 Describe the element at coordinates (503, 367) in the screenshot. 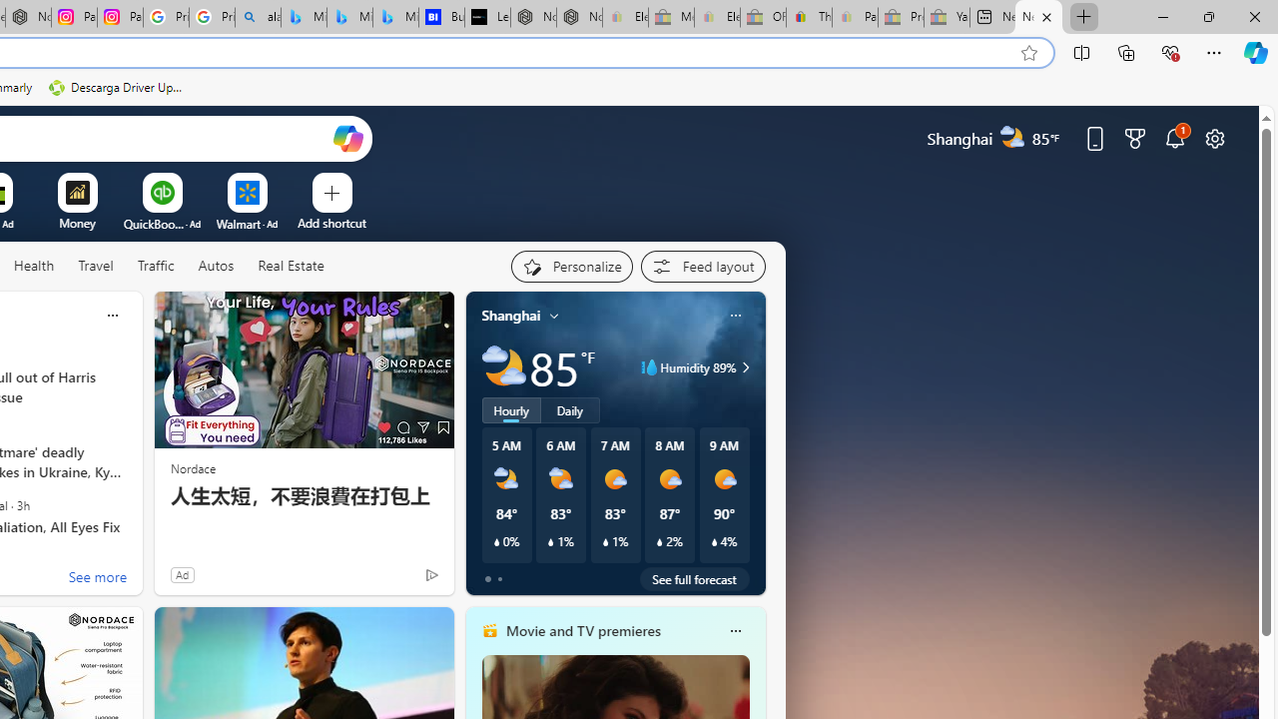

I see `'Partly cloudy'` at that location.